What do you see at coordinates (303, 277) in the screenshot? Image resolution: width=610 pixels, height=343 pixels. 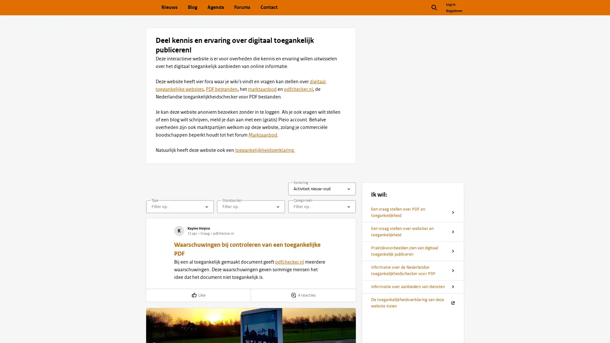 I see `Toon reacties op 'Waarschuwingen bij controleren van een toegankelijke PDF'` at bounding box center [303, 277].